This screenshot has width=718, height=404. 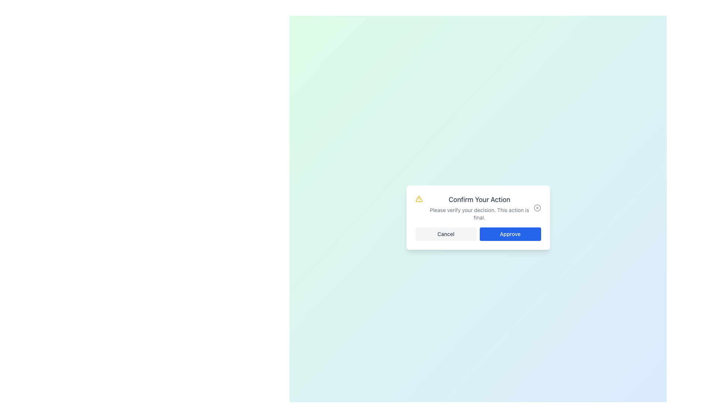 I want to click on the 'Approve' button, which is the second button in a modal dialog, featuring a blue background and white text, so click(x=510, y=233).